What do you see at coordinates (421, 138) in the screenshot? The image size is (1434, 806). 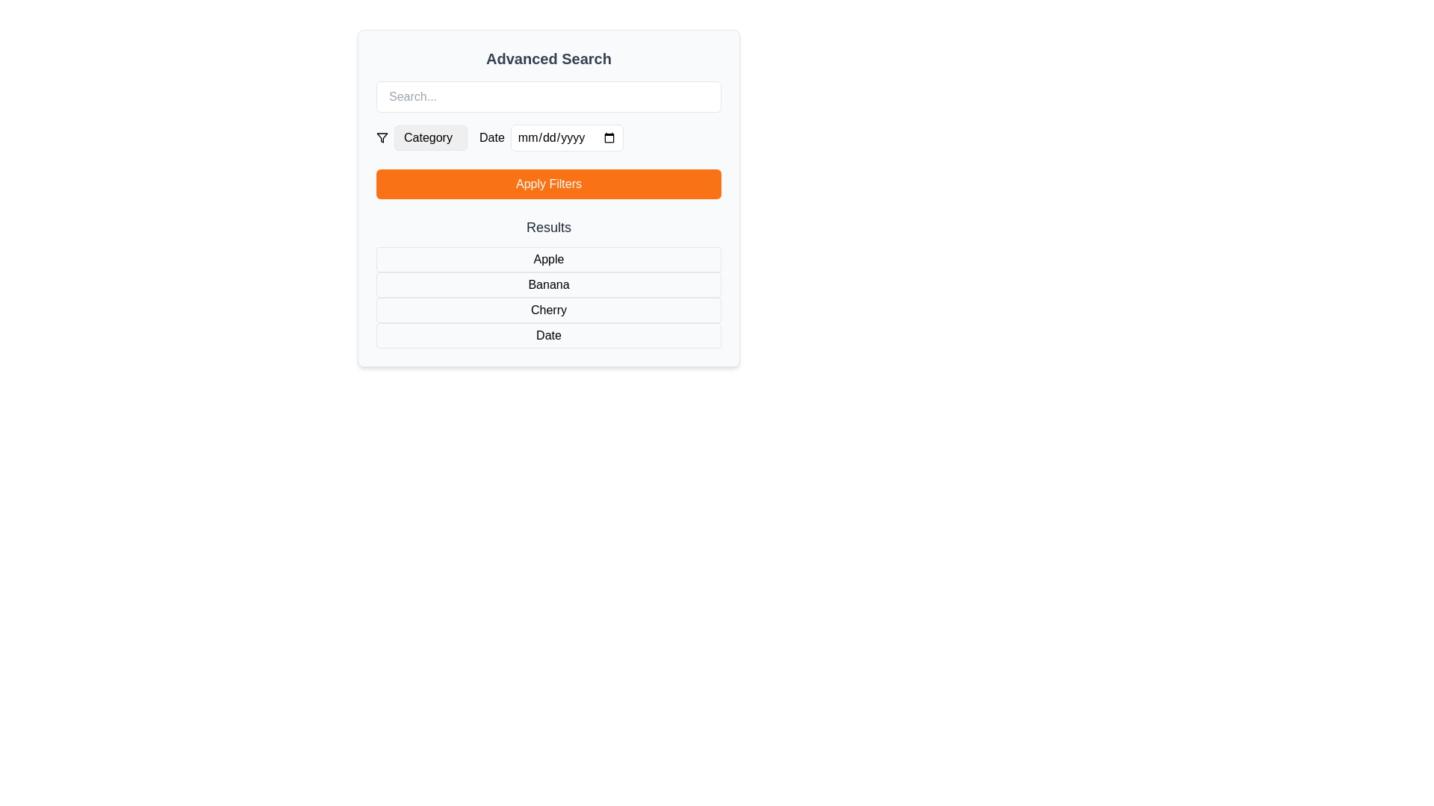 I see `the leftmost dropdown menu element in the upper section of the panel` at bounding box center [421, 138].